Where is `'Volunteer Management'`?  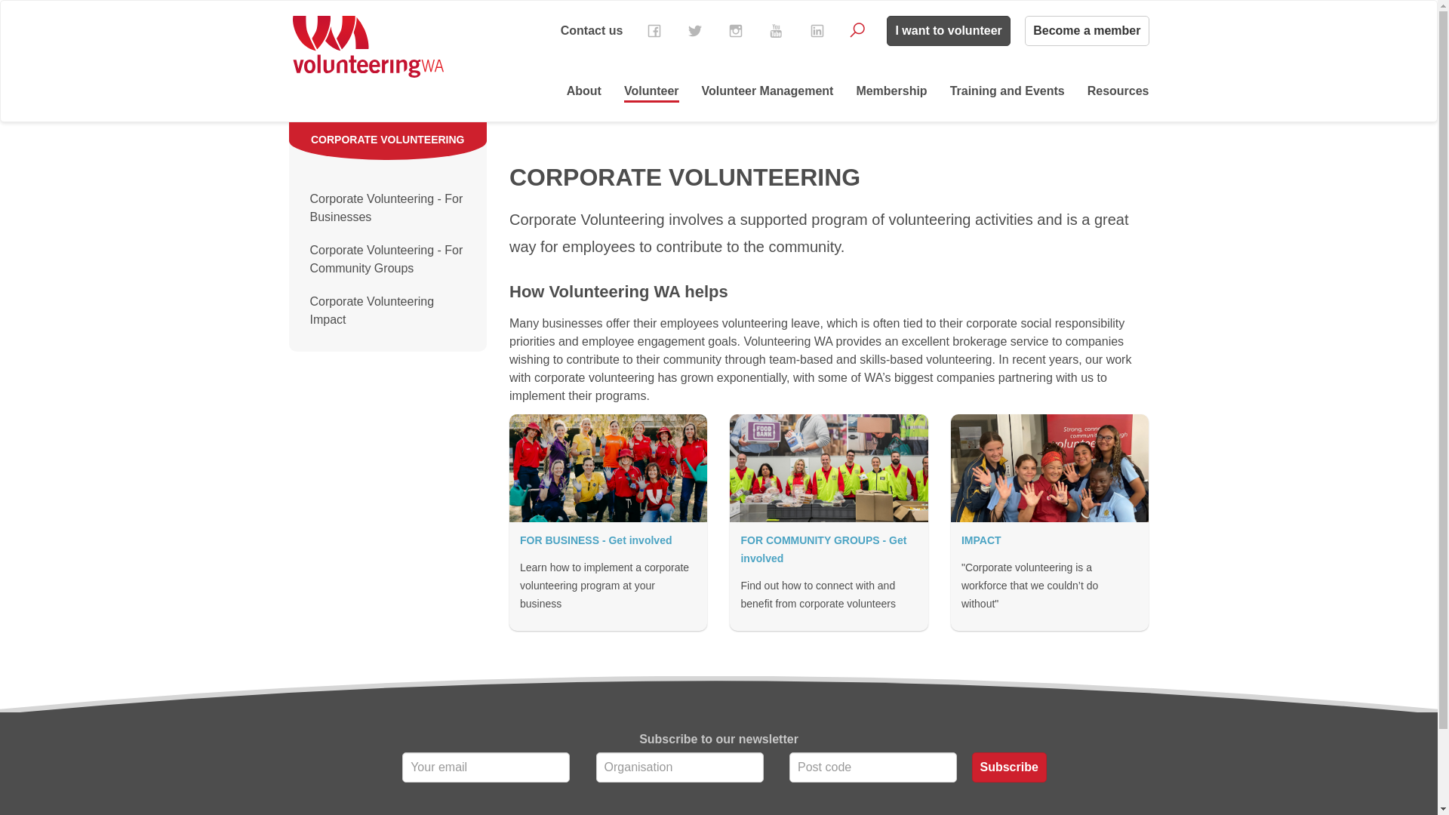
'Volunteer Management' is located at coordinates (768, 91).